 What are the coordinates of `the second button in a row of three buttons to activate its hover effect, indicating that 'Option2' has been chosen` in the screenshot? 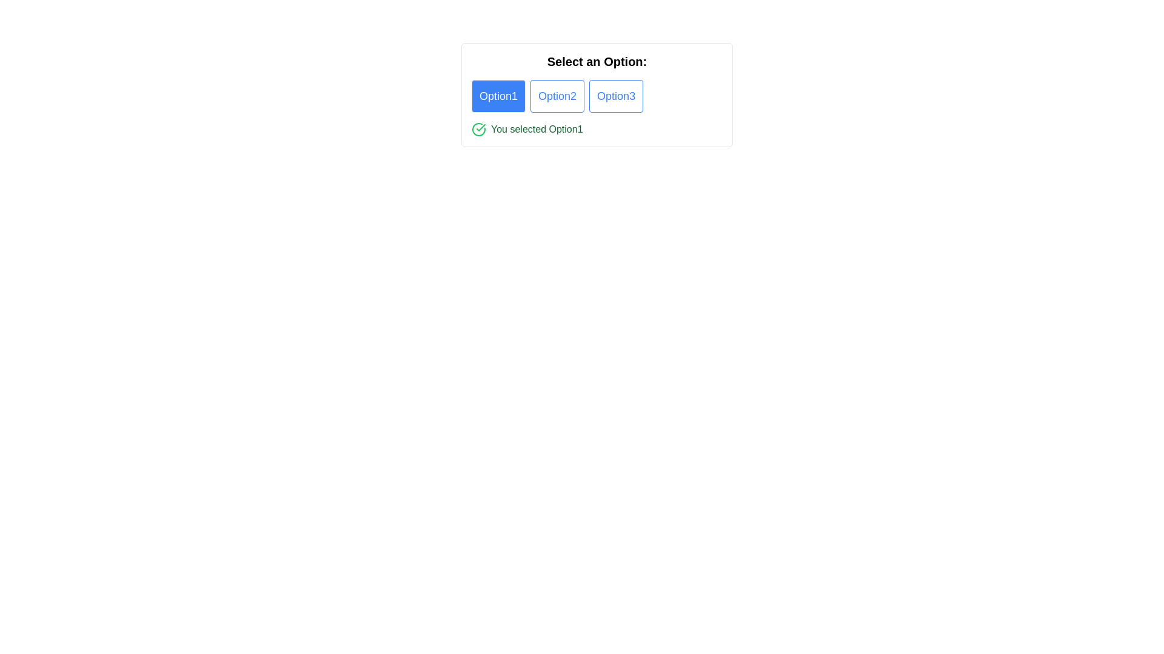 It's located at (557, 95).